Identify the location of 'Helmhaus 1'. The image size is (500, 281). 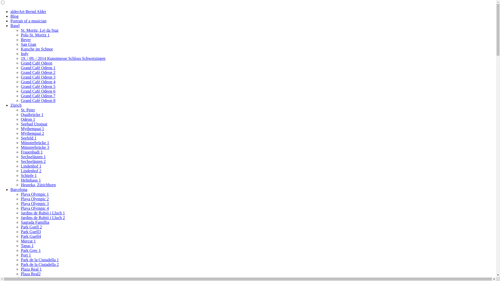
(21, 180).